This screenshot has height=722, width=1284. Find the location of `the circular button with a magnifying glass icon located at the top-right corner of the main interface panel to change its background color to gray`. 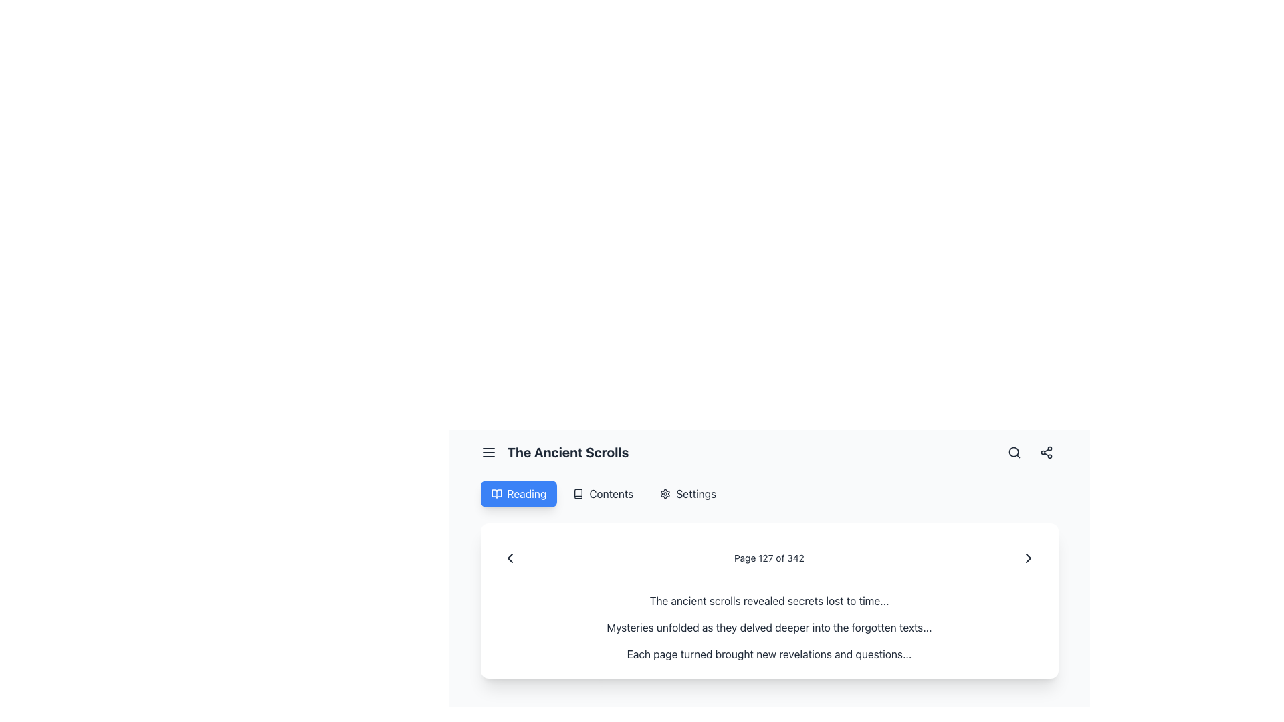

the circular button with a magnifying glass icon located at the top-right corner of the main interface panel to change its background color to gray is located at coordinates (1014, 452).